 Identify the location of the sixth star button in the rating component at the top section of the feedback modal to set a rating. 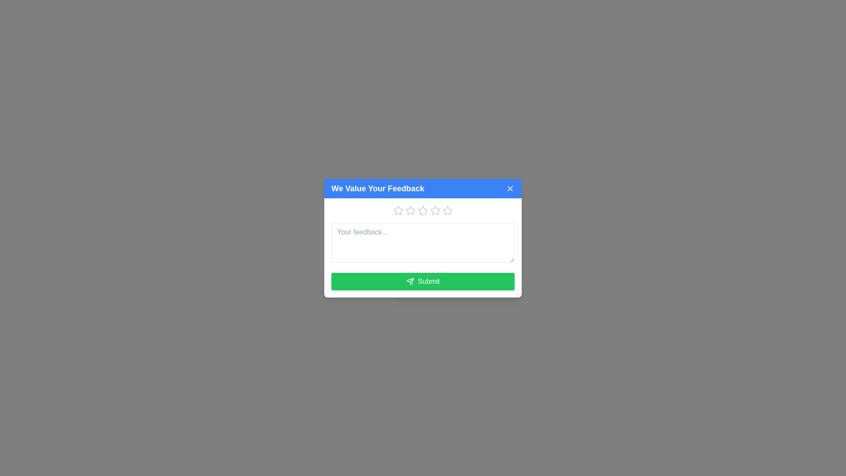
(435, 210).